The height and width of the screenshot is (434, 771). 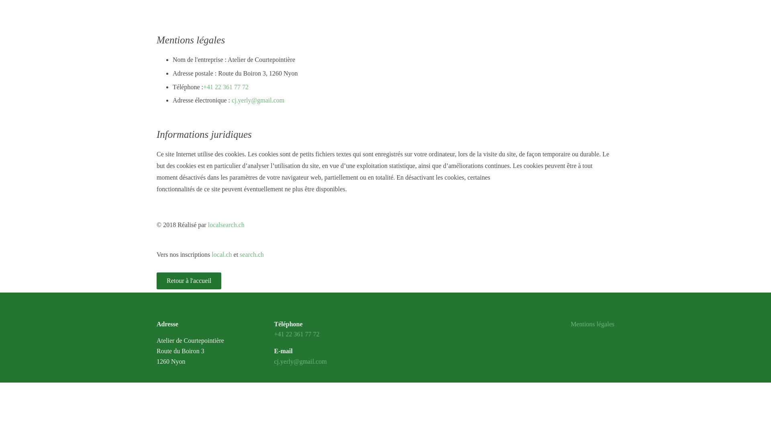 What do you see at coordinates (222, 254) in the screenshot?
I see `'local.ch'` at bounding box center [222, 254].